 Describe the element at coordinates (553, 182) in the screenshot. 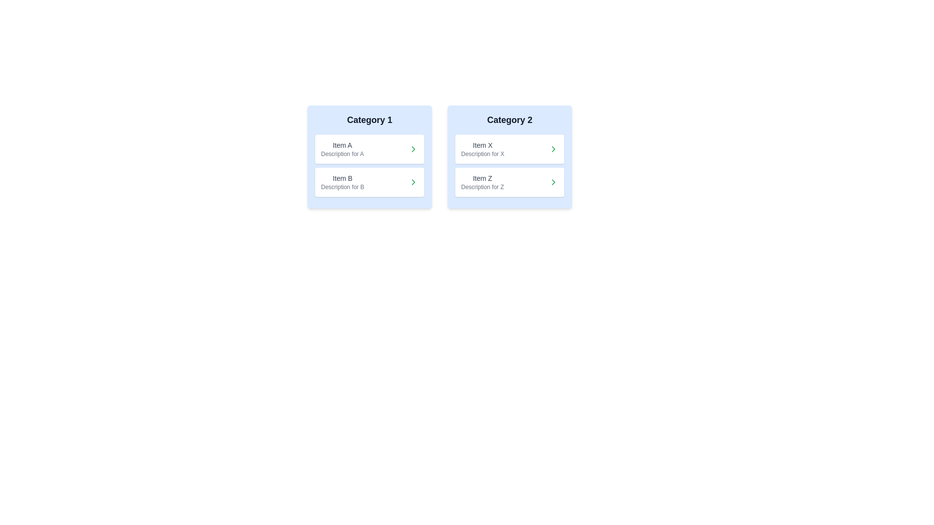

I see `the transfer button for Item Z to move it to the other category` at that location.